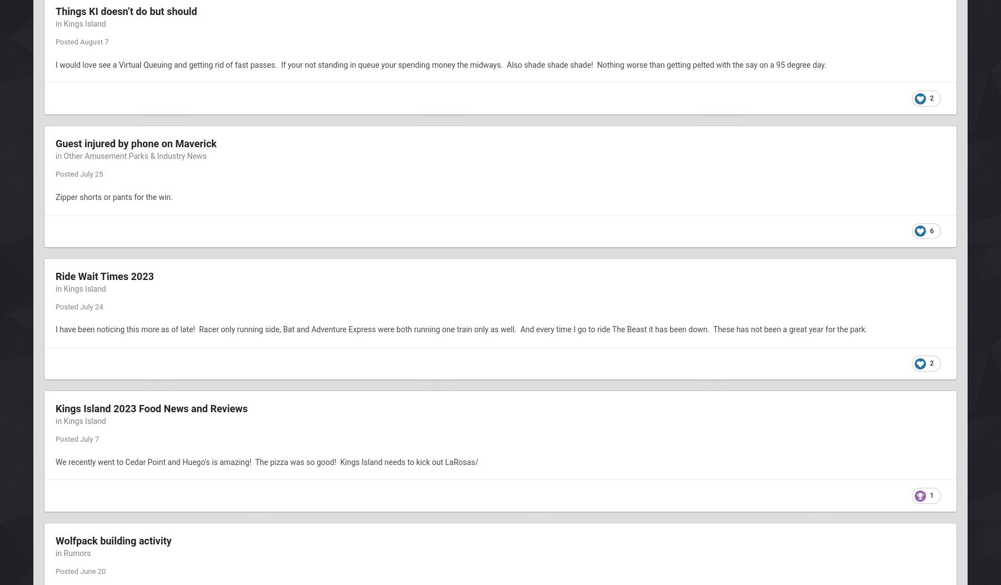  Describe the element at coordinates (929, 230) in the screenshot. I see `'6'` at that location.